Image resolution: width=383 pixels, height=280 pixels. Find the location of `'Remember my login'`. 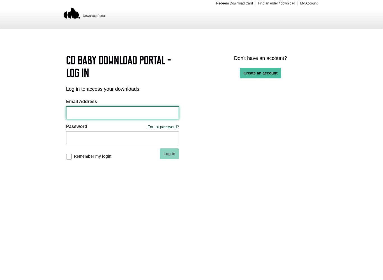

'Remember my login' is located at coordinates (73, 156).